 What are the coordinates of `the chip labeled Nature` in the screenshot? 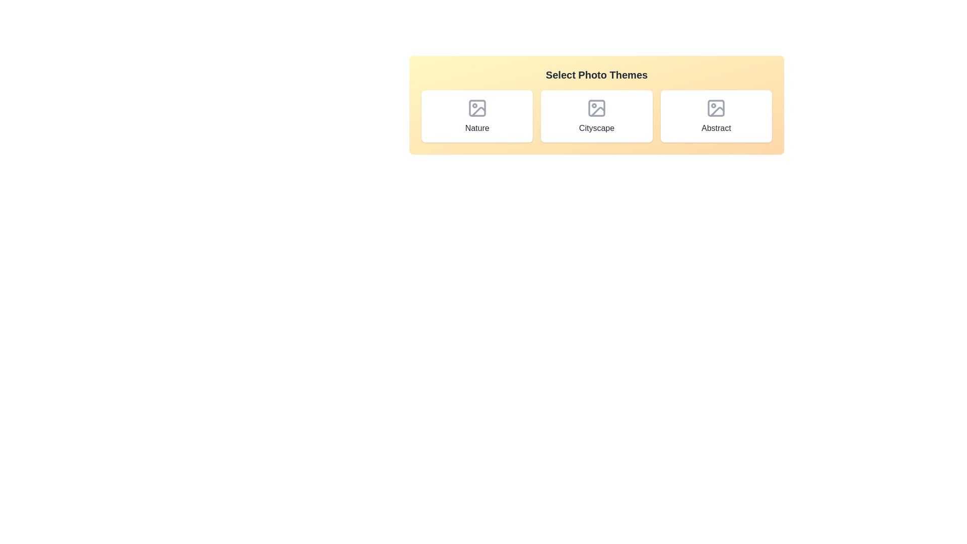 It's located at (476, 116).